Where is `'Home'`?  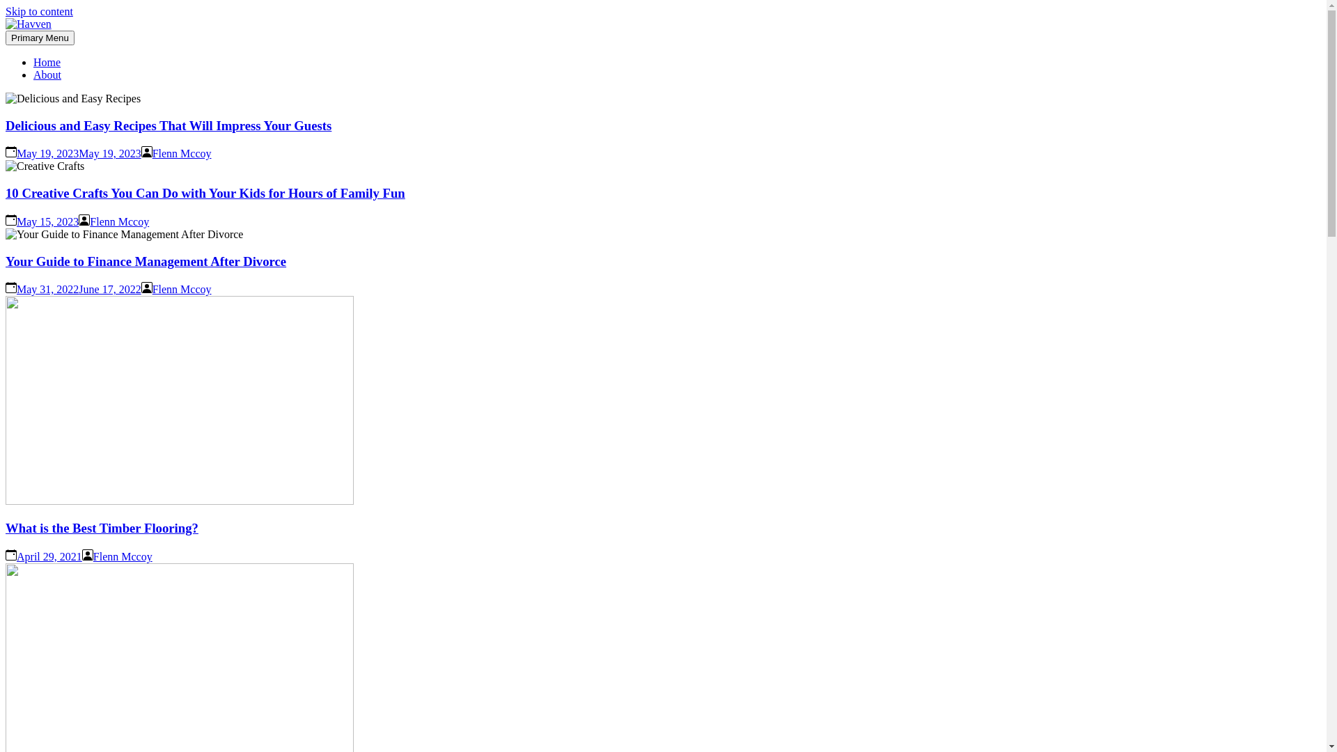 'Home' is located at coordinates (47, 61).